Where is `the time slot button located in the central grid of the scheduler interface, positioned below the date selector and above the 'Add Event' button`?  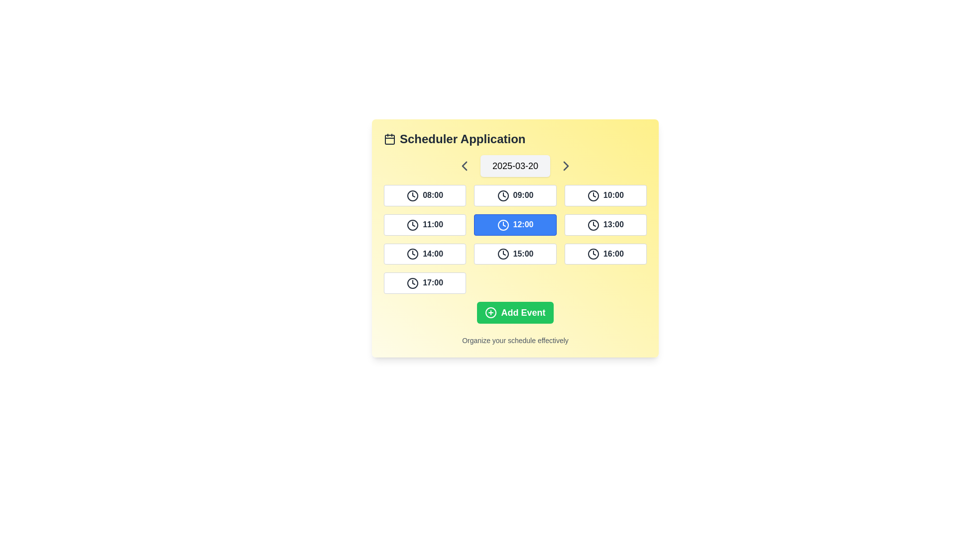 the time slot button located in the central grid of the scheduler interface, positioned below the date selector and above the 'Add Event' button is located at coordinates (515, 239).